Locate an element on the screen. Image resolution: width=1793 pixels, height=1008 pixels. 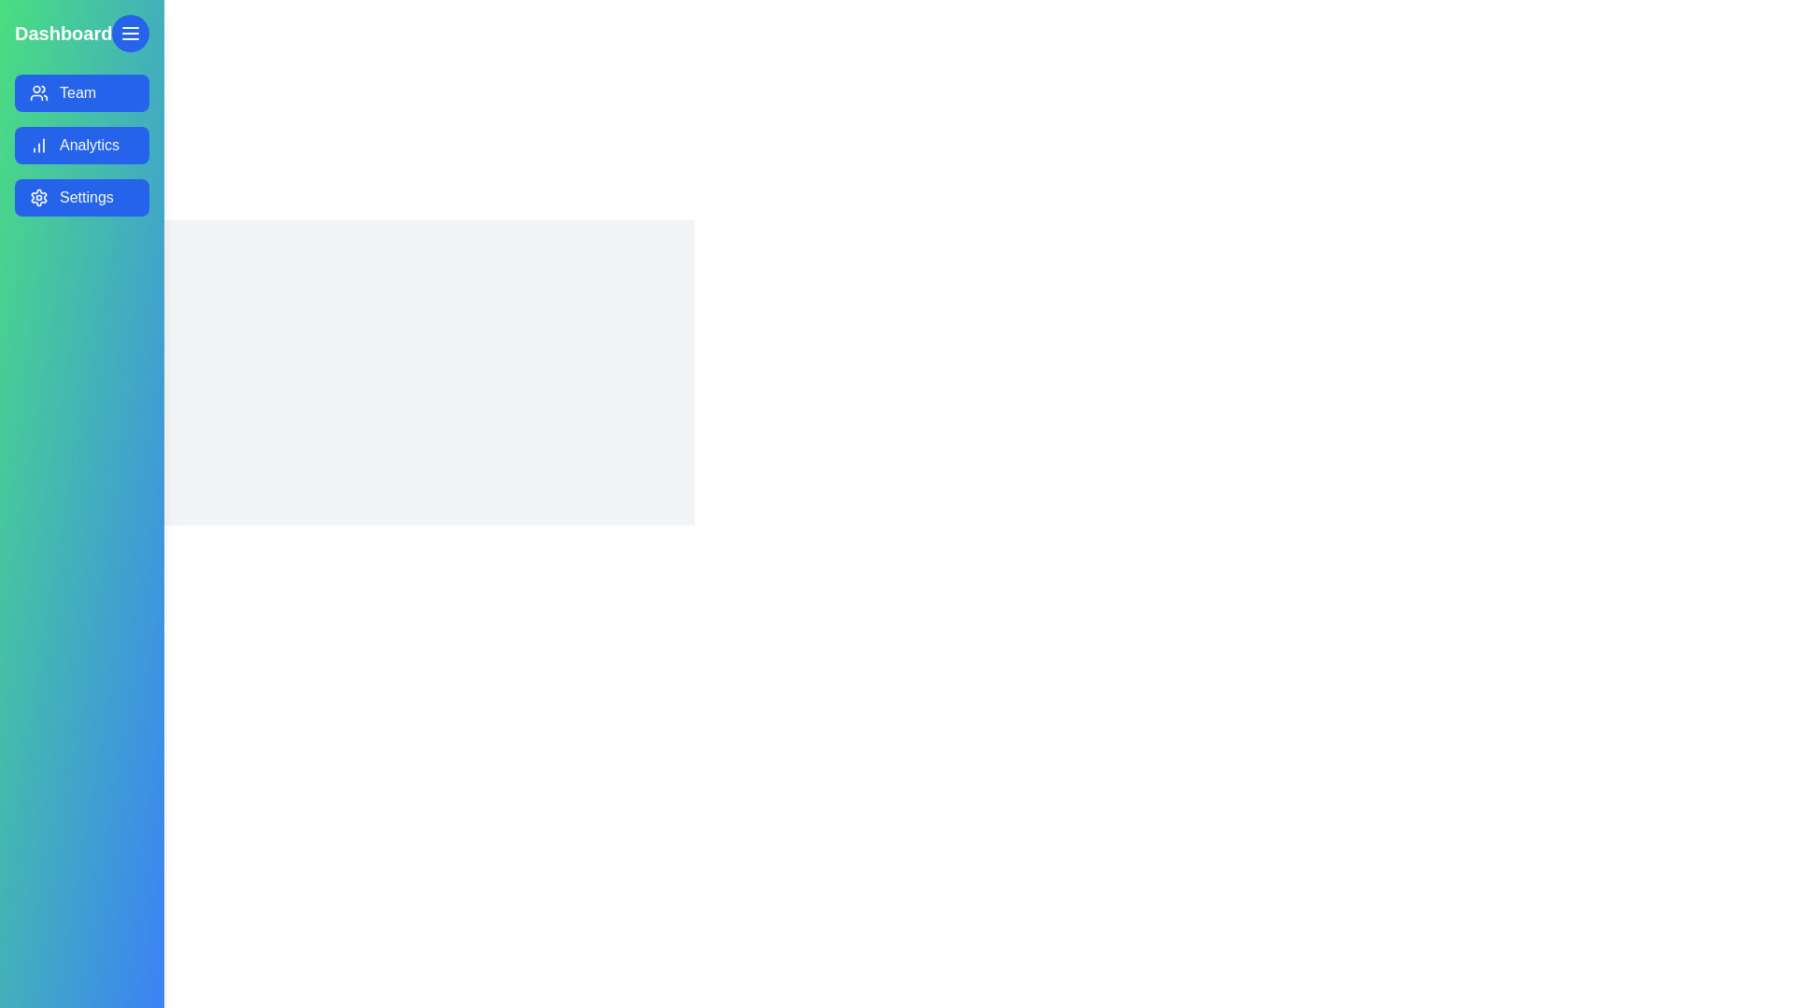
the menu button to toggle the visibility of the side drawer is located at coordinates (130, 33).